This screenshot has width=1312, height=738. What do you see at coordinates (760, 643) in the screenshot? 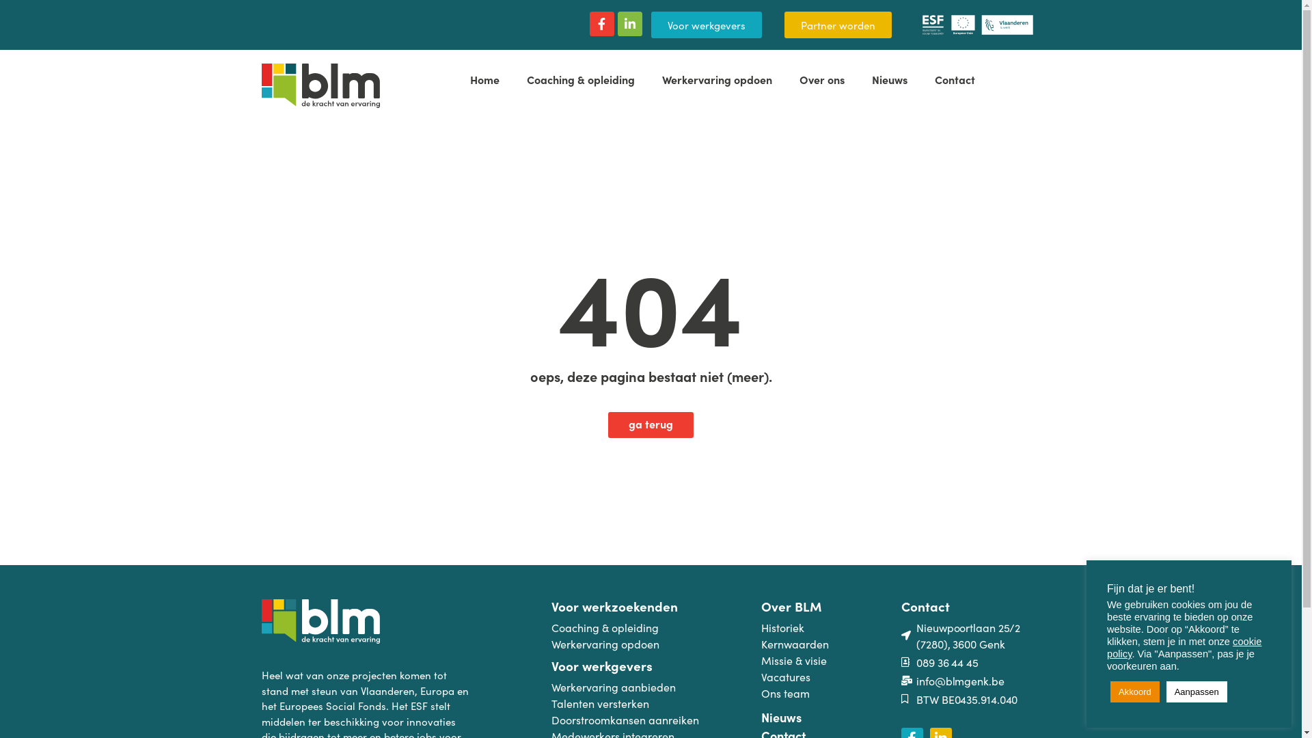
I see `'Kernwaarden'` at bounding box center [760, 643].